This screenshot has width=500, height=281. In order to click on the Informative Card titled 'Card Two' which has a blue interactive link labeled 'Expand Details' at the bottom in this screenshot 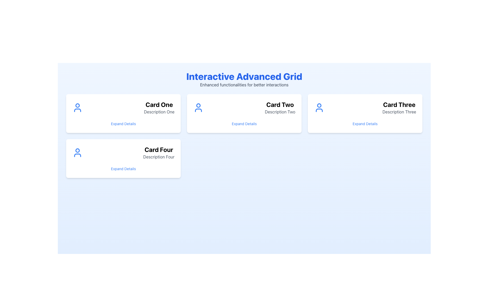, I will do `click(244, 113)`.